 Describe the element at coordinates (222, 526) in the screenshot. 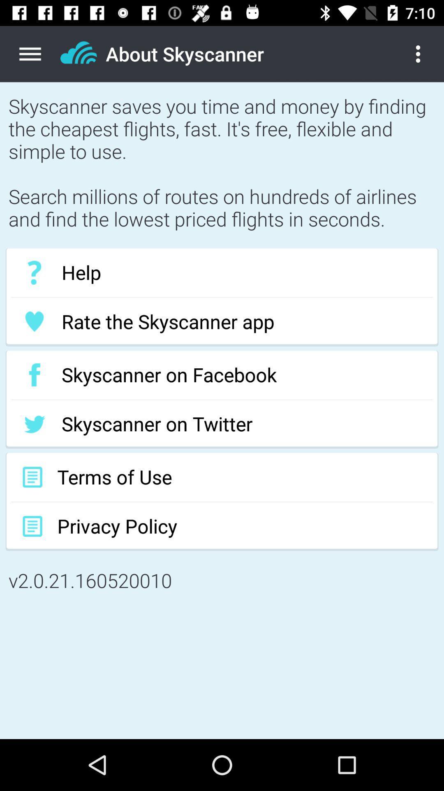

I see `item below terms of use icon` at that location.